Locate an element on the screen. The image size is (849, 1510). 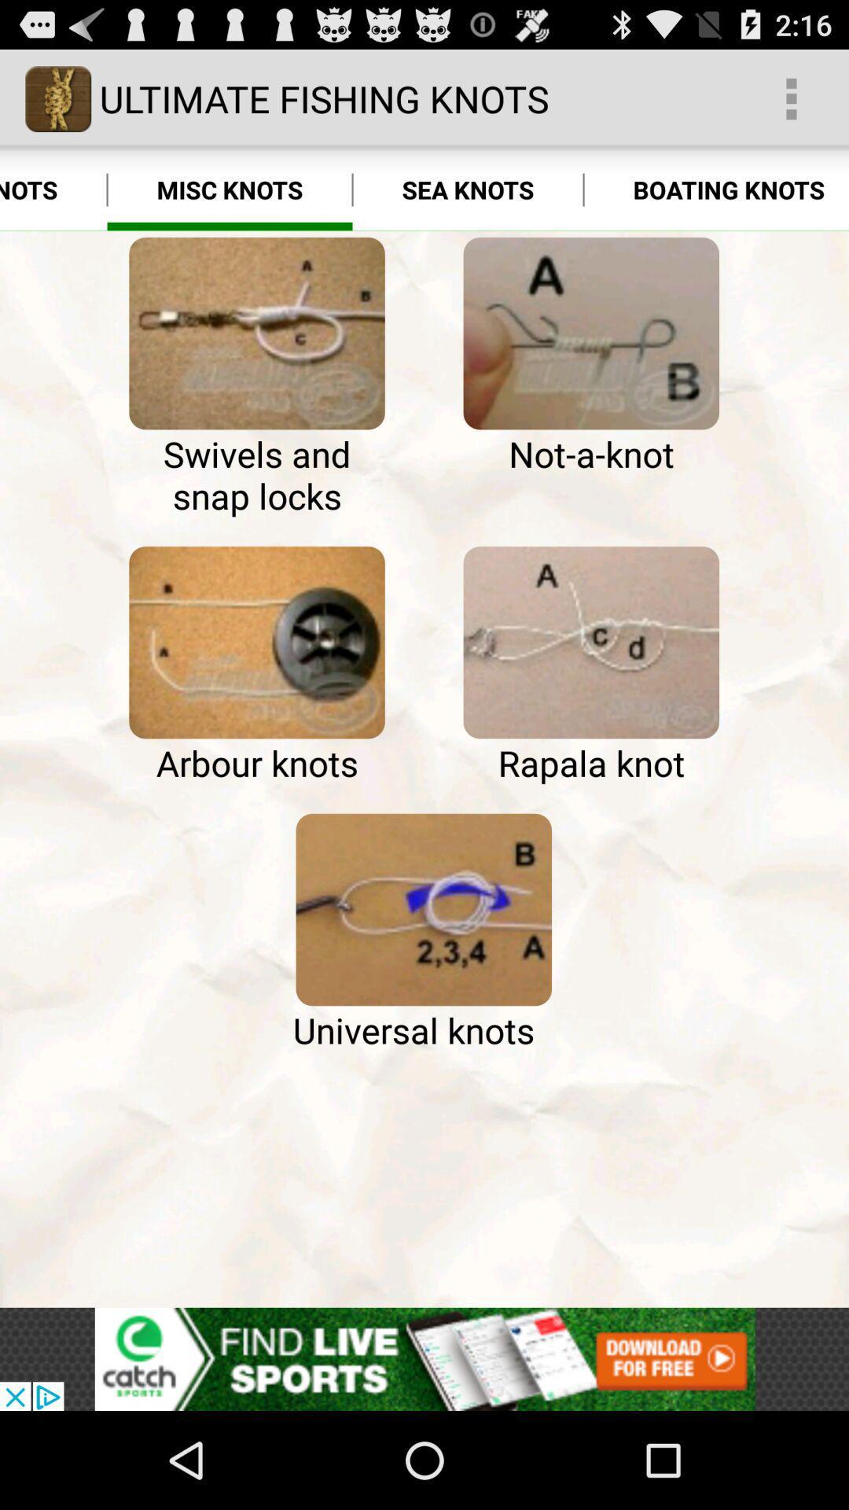
icon at the center is located at coordinates (423, 909).